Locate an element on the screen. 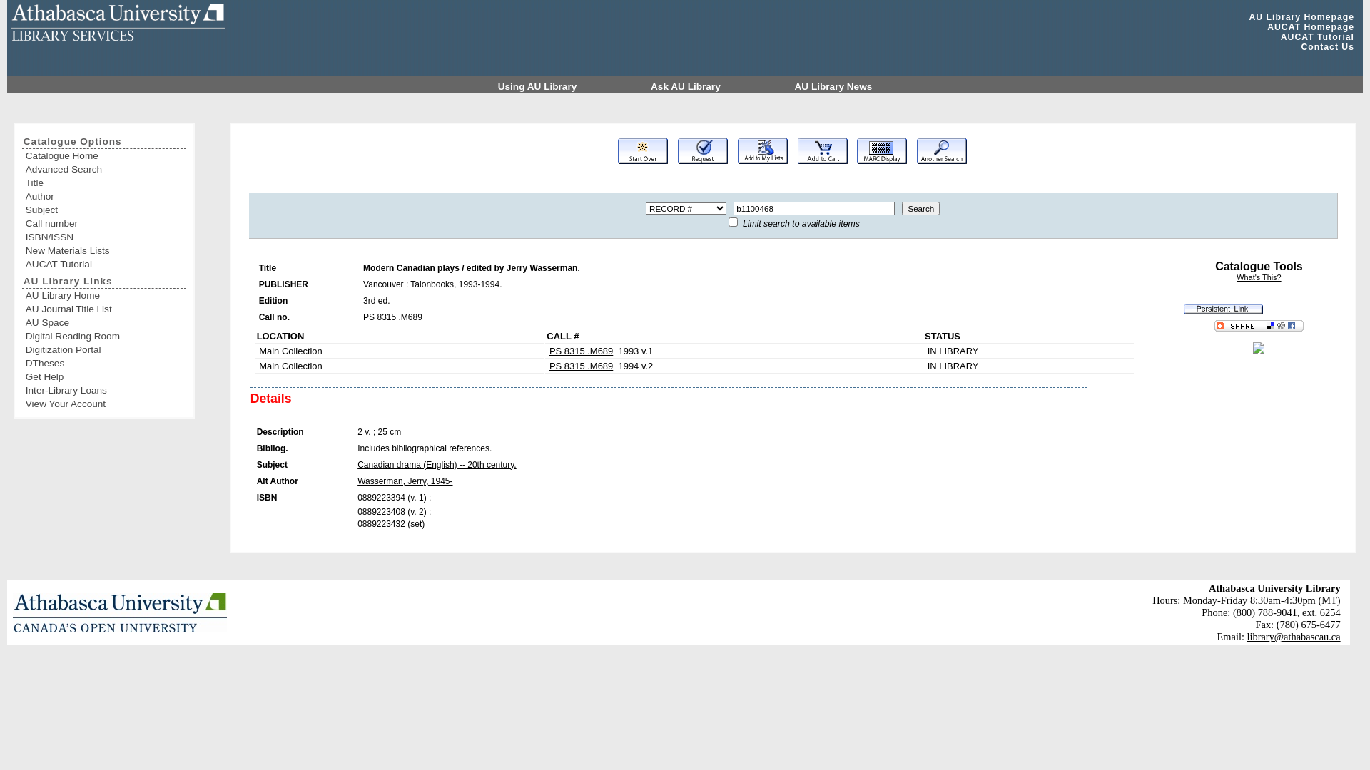 This screenshot has width=1370, height=770. 'New Materials Lists' is located at coordinates (25, 250).